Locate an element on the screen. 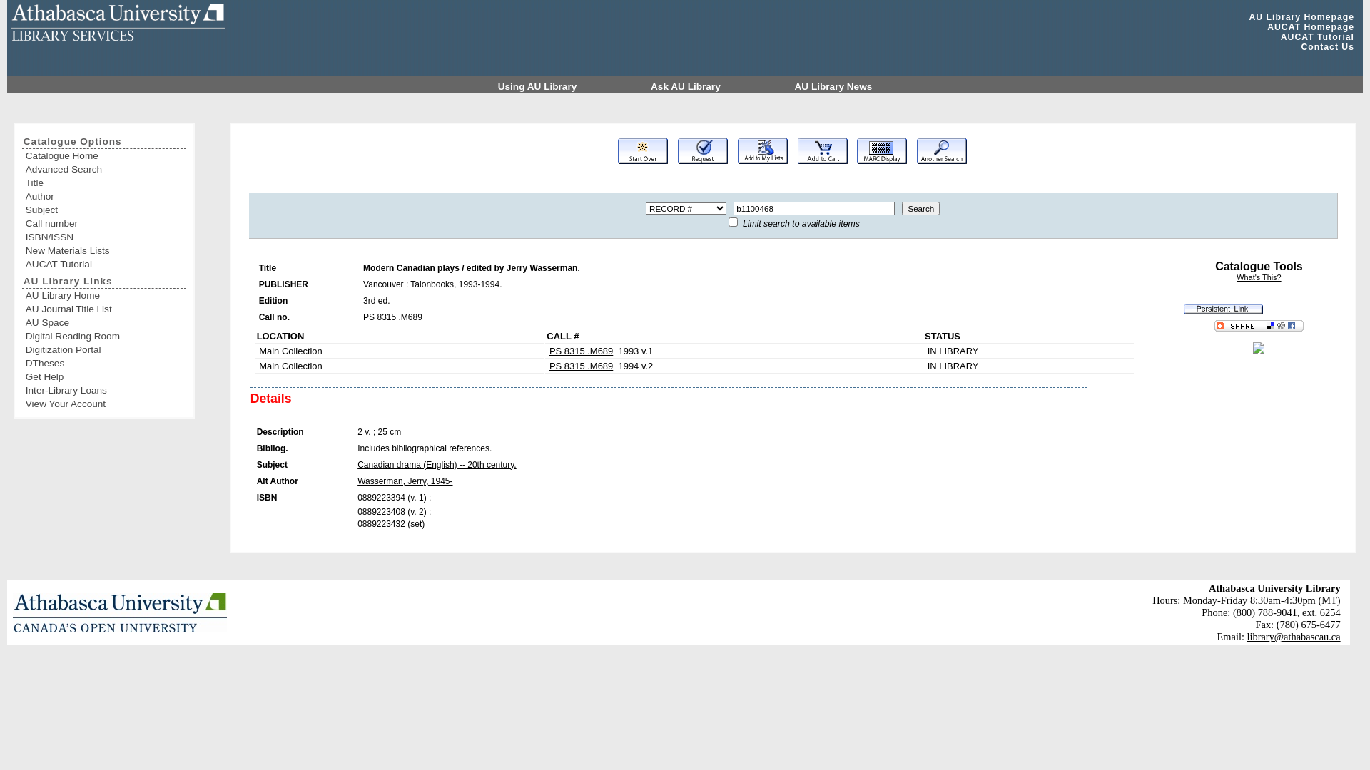 This screenshot has width=1370, height=770. 'New Materials Lists' is located at coordinates (25, 250).